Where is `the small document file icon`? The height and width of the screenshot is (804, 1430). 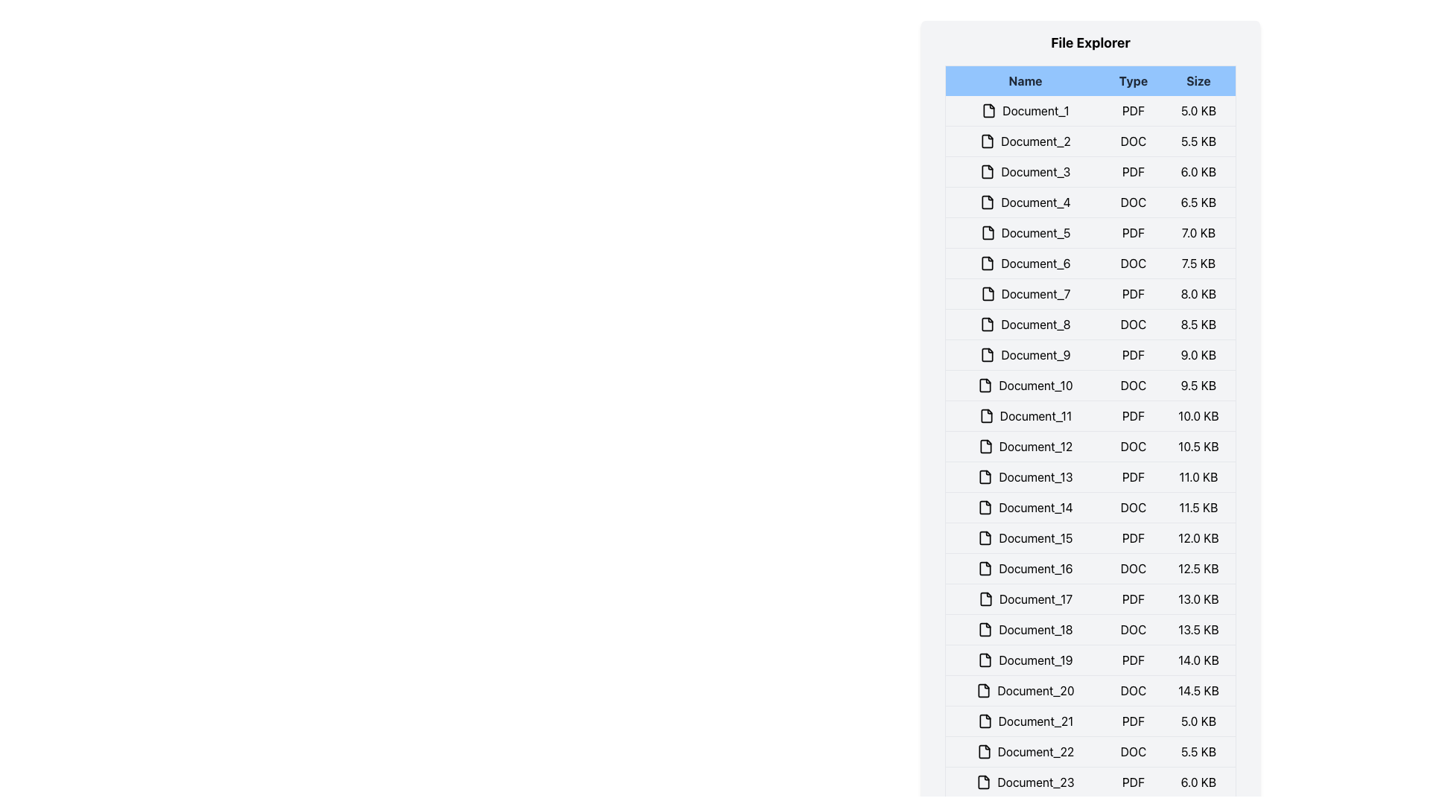
the small document file icon is located at coordinates (985, 720).